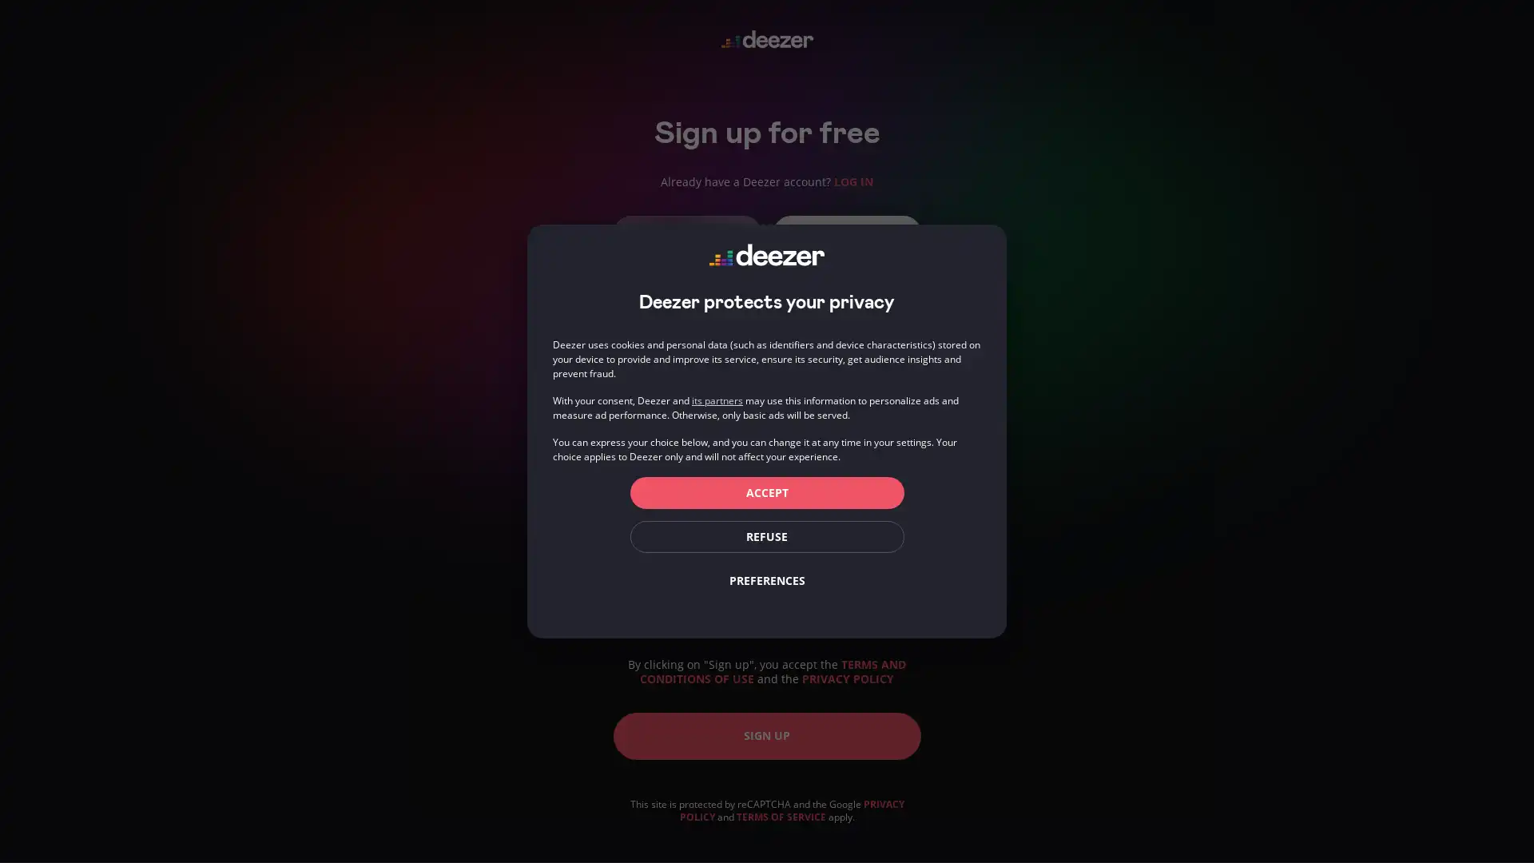 The height and width of the screenshot is (863, 1534). I want to click on PREFERENCES, so click(765, 580).